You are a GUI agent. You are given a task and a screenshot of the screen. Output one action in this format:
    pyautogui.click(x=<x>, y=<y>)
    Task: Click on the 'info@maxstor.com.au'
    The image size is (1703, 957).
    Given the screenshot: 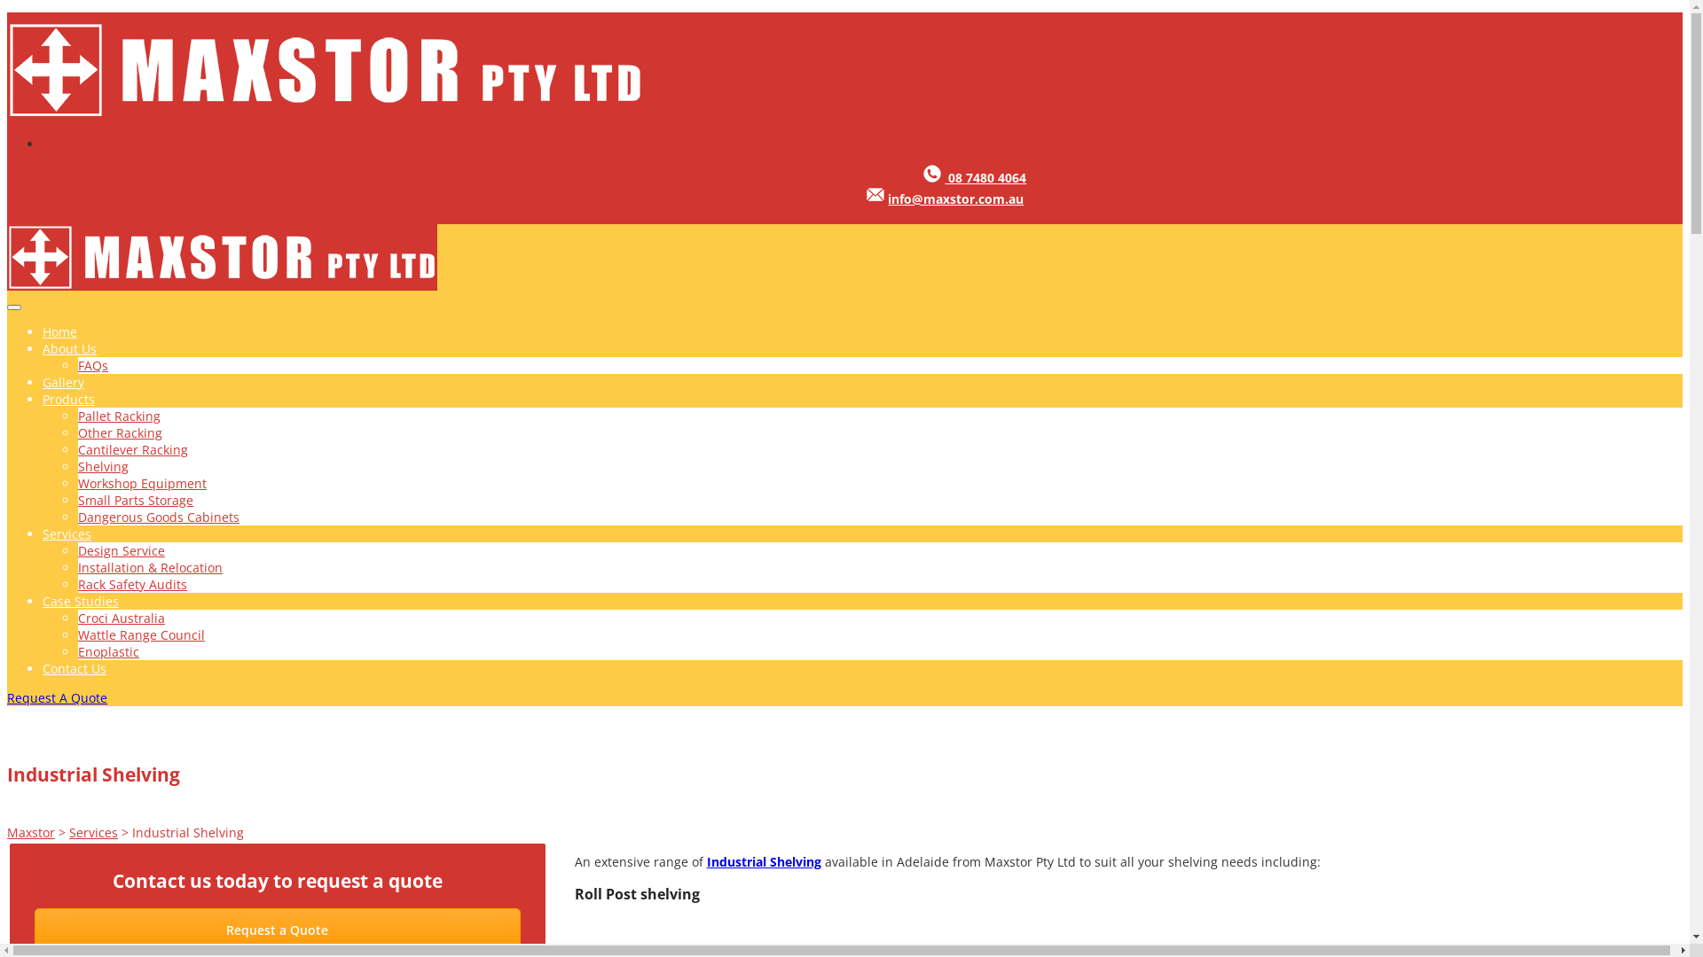 What is the action you would take?
    pyautogui.click(x=954, y=198)
    